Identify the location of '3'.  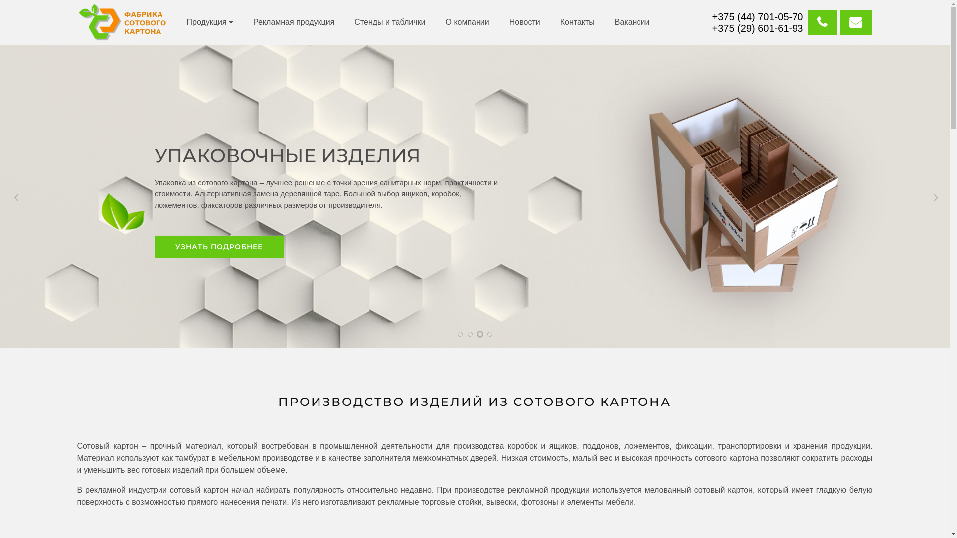
(480, 334).